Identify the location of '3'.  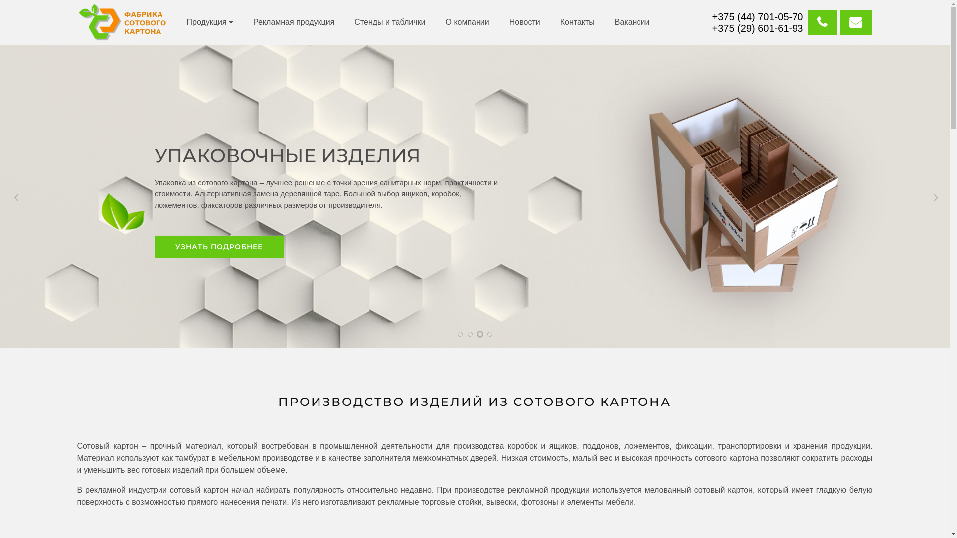
(480, 334).